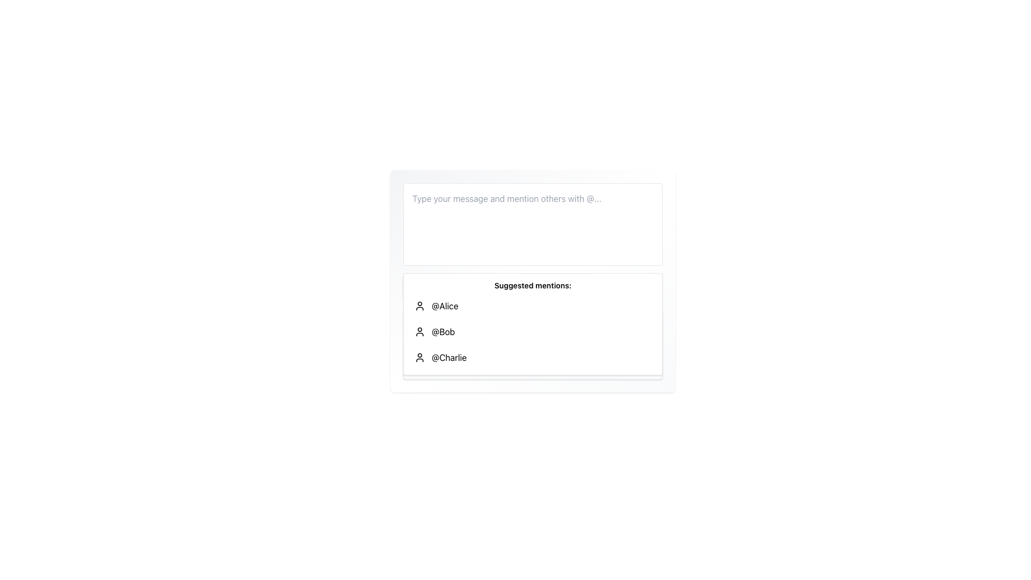  I want to click on the user silhouette icon located immediately before the '@Charlie' label in the suggestion list, so click(419, 358).